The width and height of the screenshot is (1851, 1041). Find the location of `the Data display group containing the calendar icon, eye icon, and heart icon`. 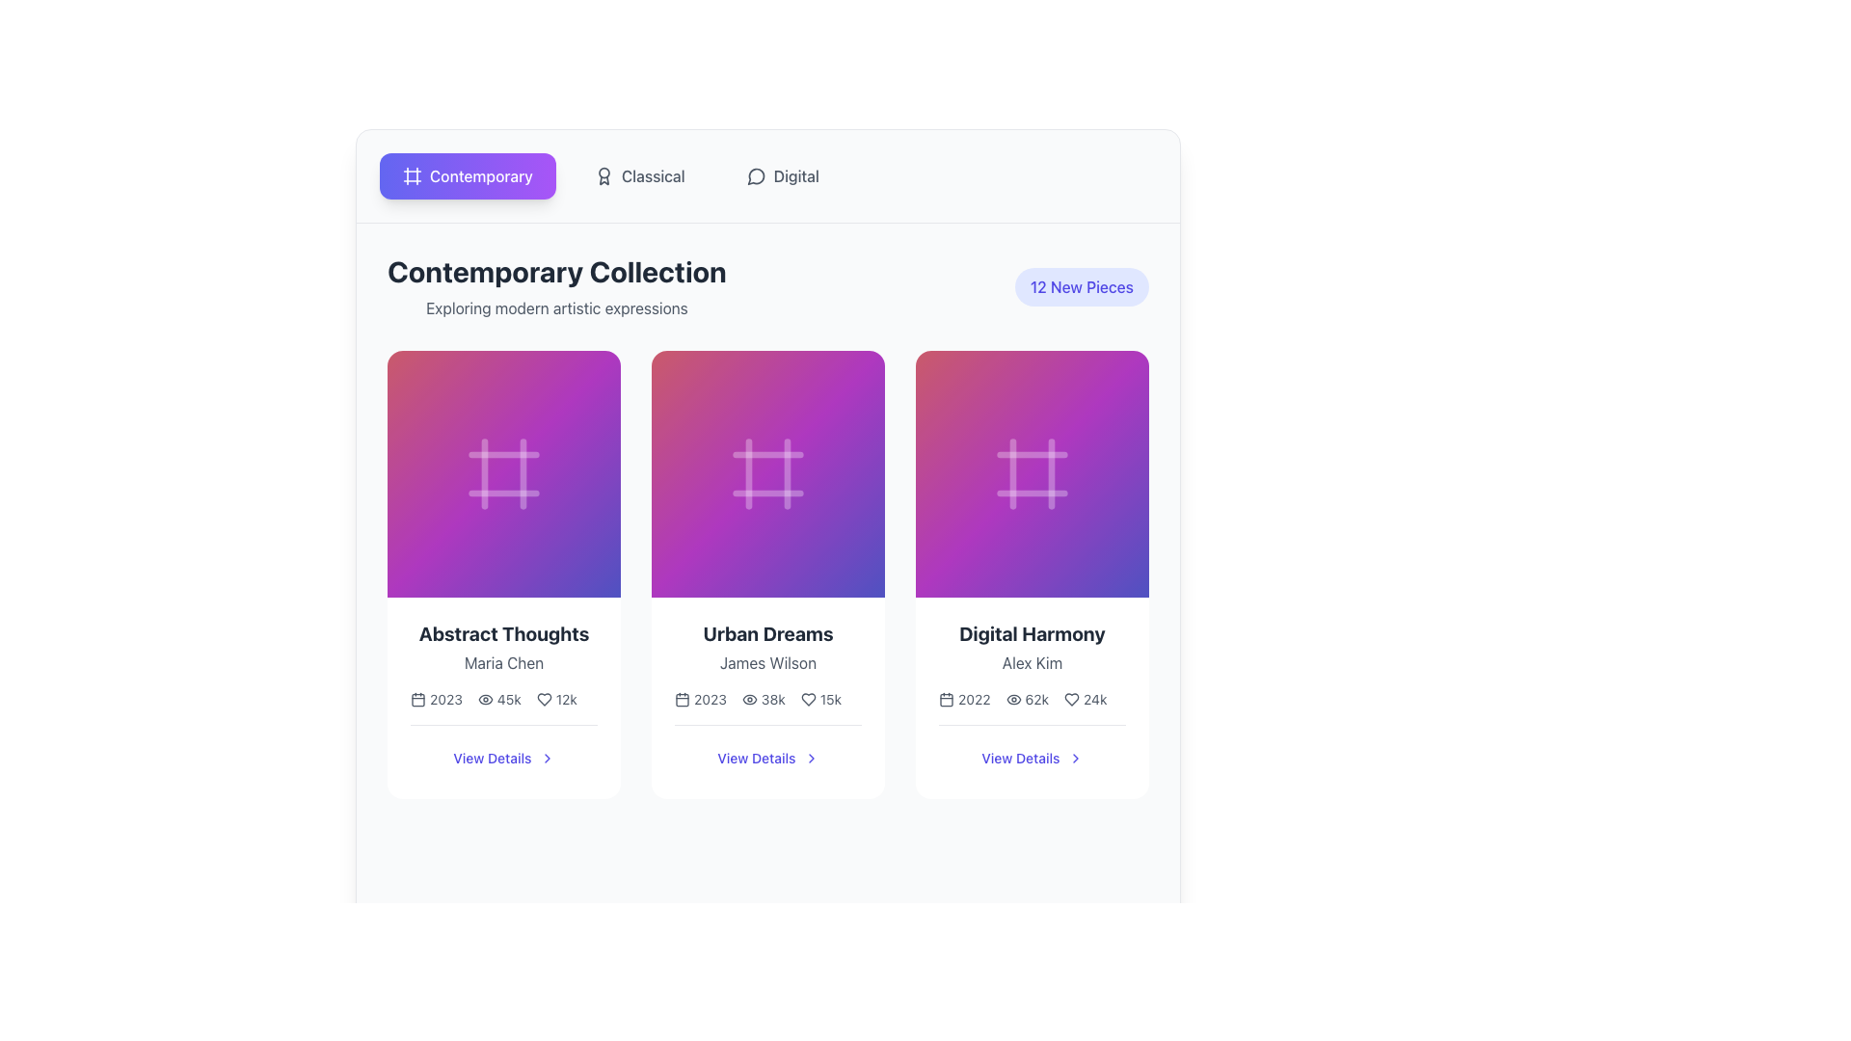

the Data display group containing the calendar icon, eye icon, and heart icon is located at coordinates (766, 699).